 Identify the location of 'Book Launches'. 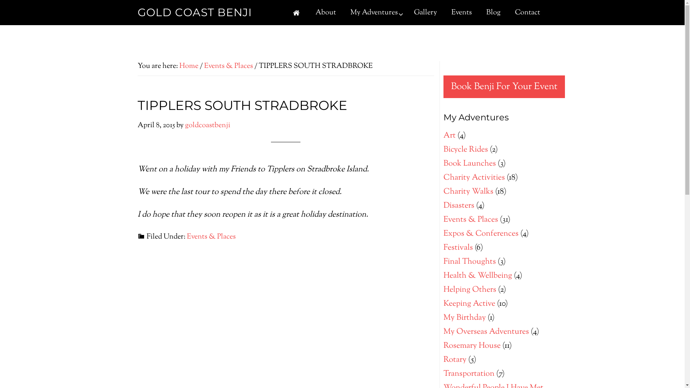
(443, 163).